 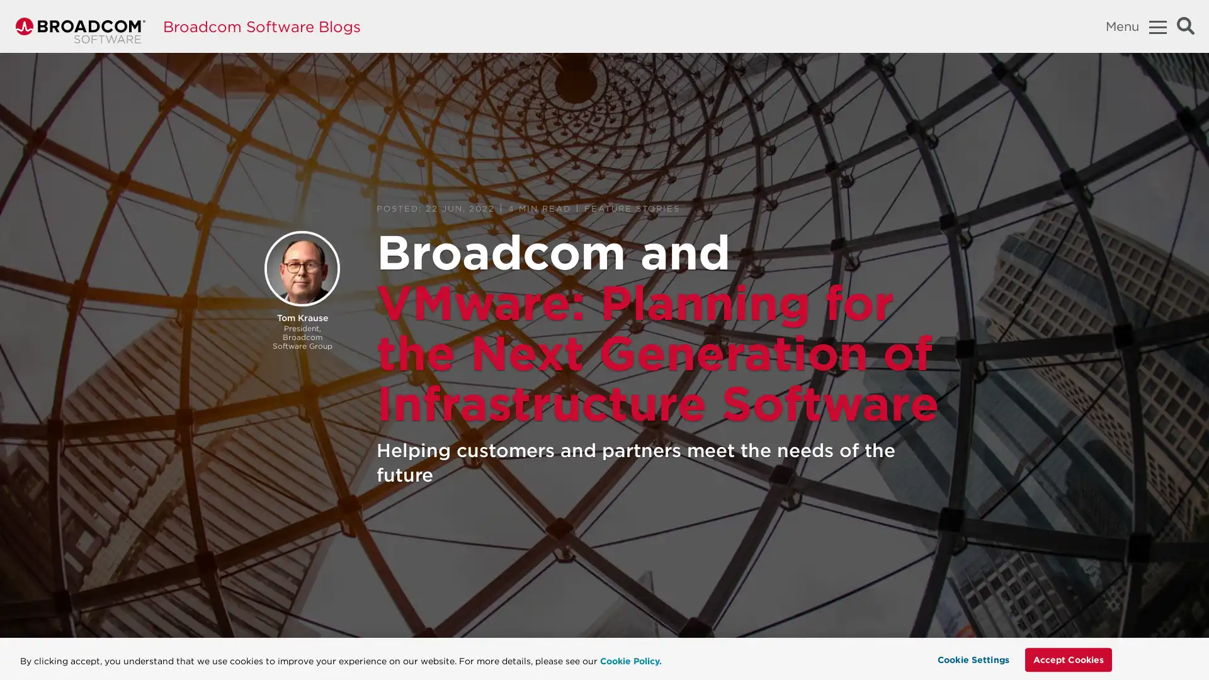 What do you see at coordinates (1067, 659) in the screenshot?
I see `Accept Cookies` at bounding box center [1067, 659].